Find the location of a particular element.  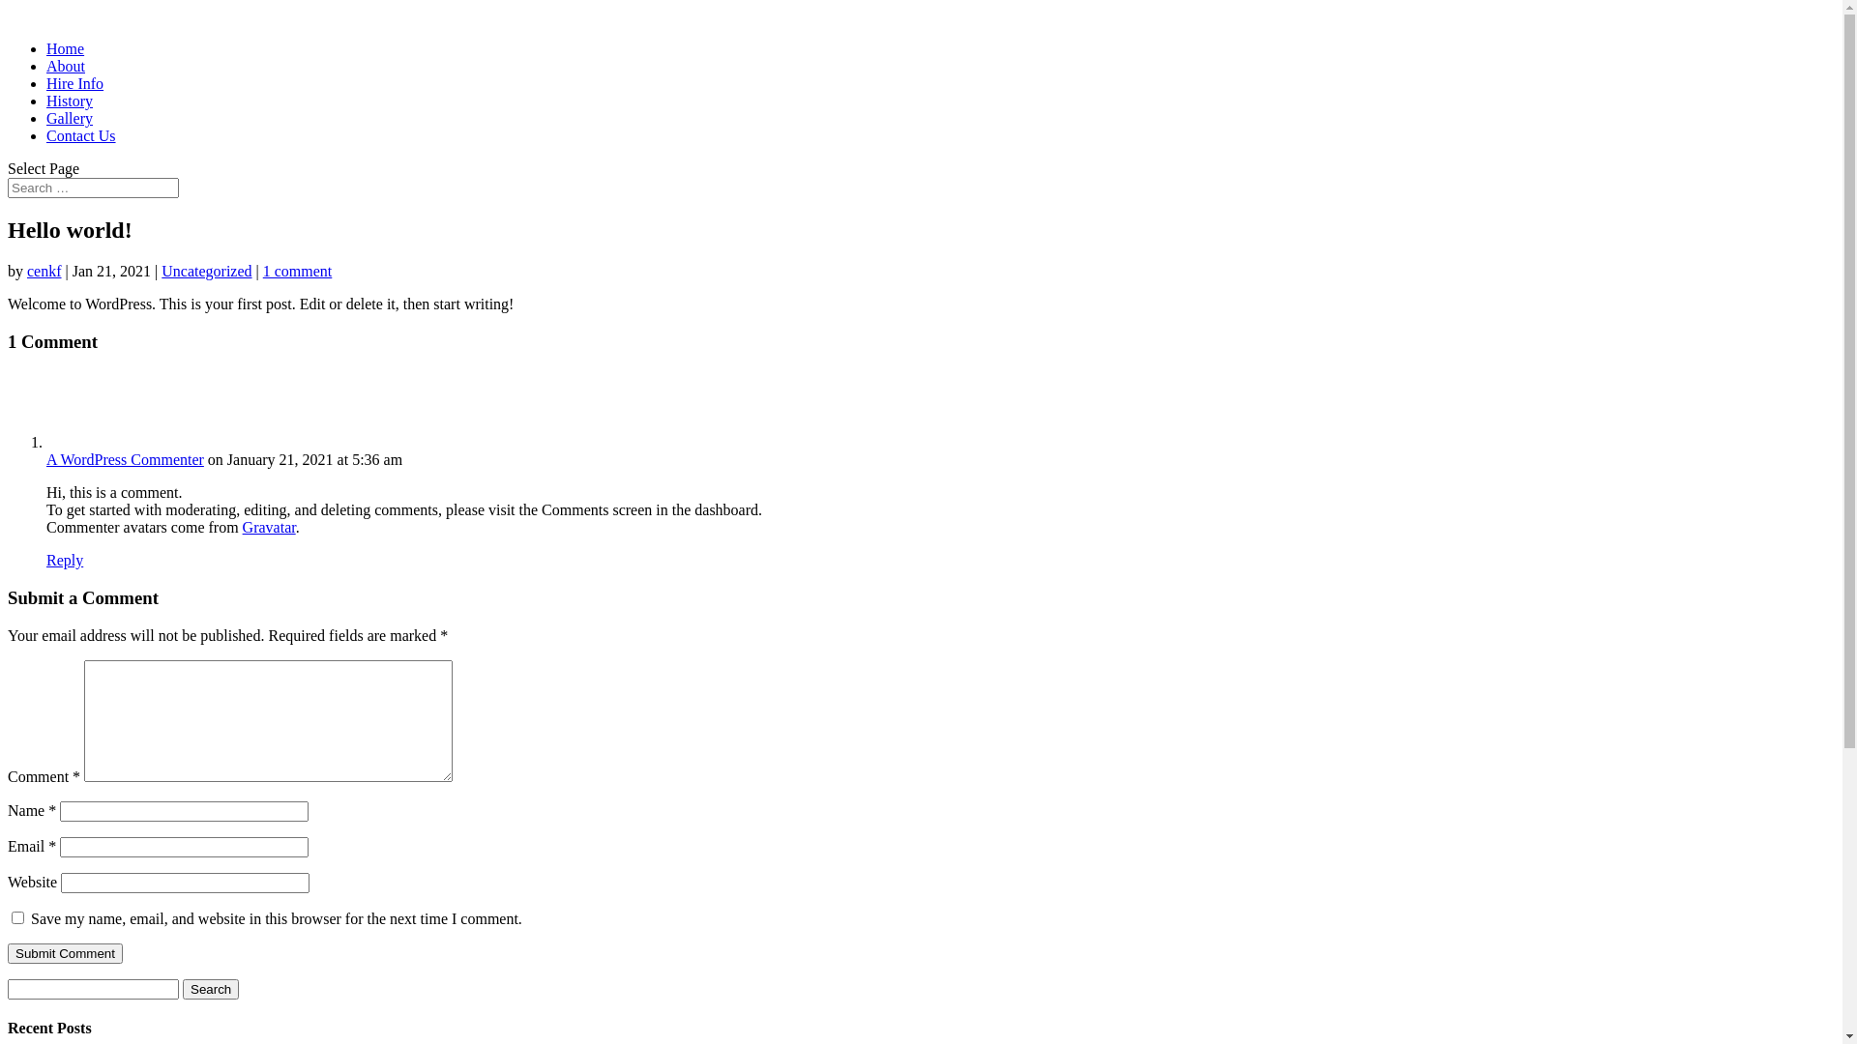

'cenkf' is located at coordinates (44, 271).